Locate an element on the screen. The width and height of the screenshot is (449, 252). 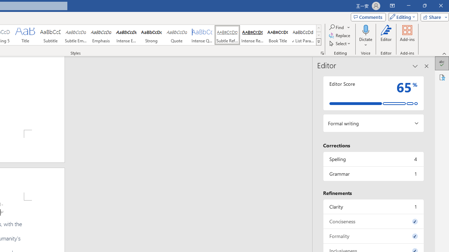
'Styles' is located at coordinates (318, 42).